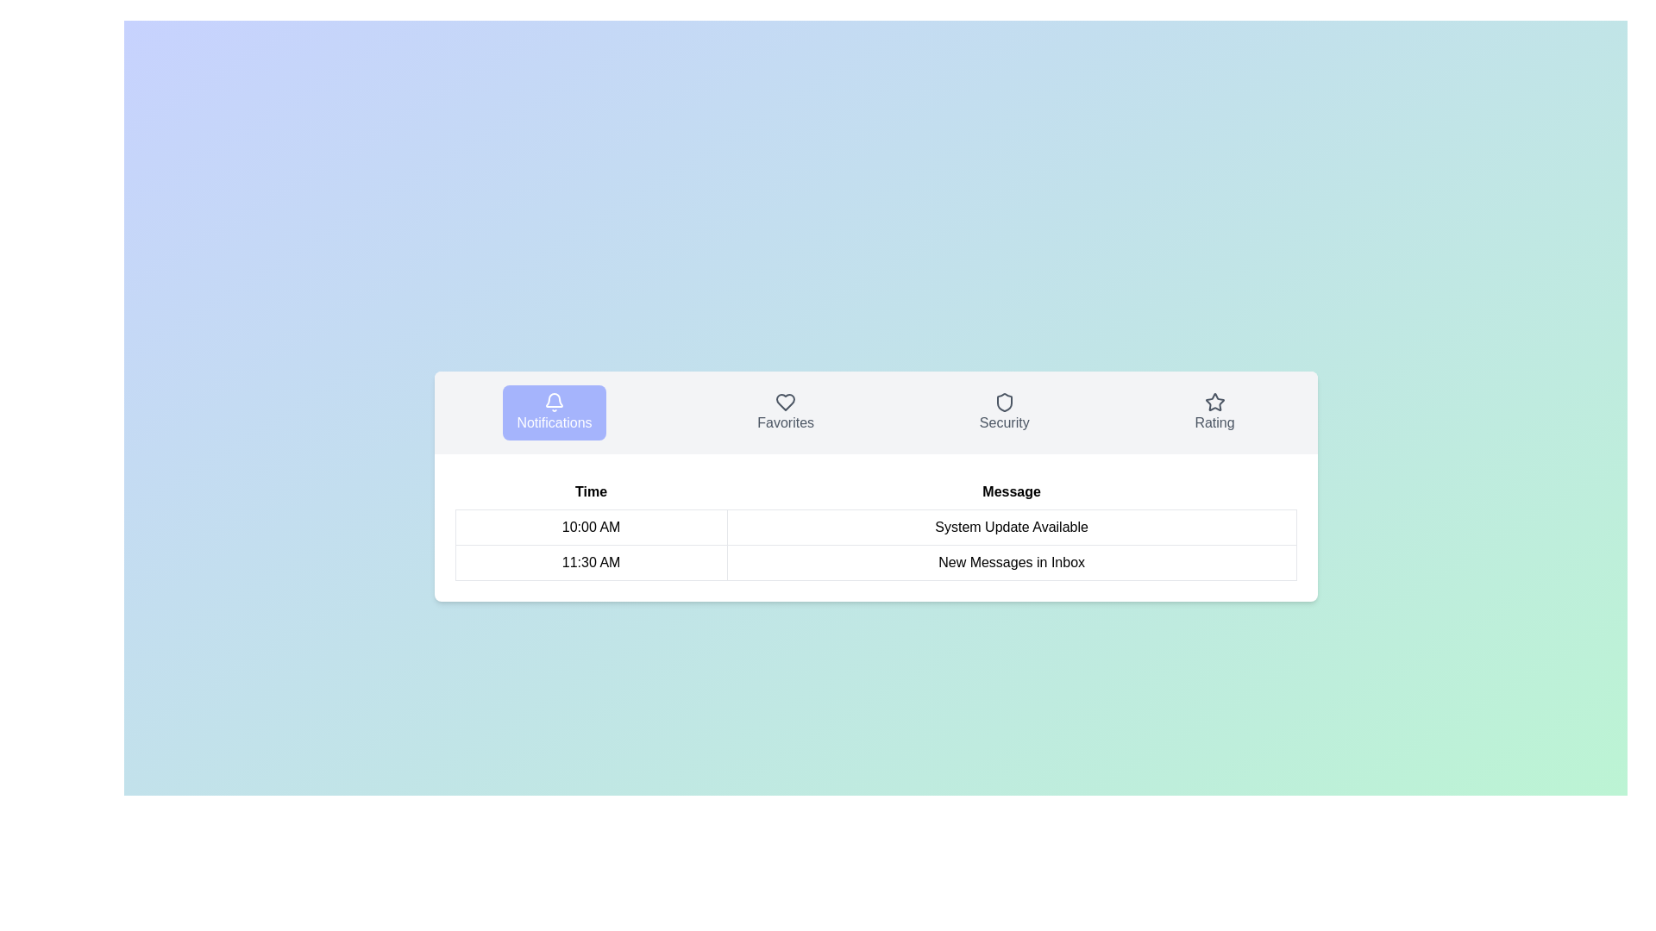  Describe the element at coordinates (1004, 422) in the screenshot. I see `the third text label in the menu options that is positioned between 'Favorites' and 'Rating', which is associated with security-related functionalities` at that location.